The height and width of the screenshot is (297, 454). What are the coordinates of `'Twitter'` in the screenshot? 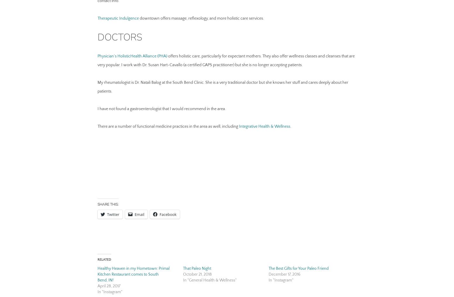 It's located at (112, 214).